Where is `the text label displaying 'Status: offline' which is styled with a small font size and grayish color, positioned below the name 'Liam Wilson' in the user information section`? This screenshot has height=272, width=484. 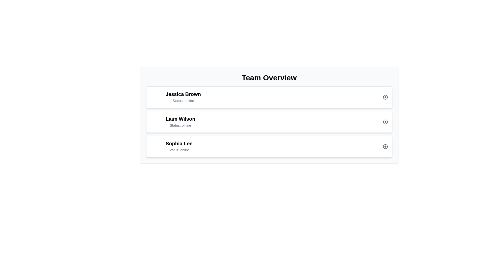
the text label displaying 'Status: offline' which is styled with a small font size and grayish color, positioned below the name 'Liam Wilson' in the user information section is located at coordinates (180, 125).